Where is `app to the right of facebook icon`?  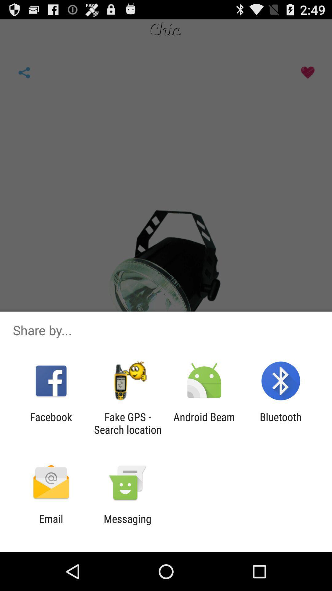
app to the right of facebook icon is located at coordinates (127, 423).